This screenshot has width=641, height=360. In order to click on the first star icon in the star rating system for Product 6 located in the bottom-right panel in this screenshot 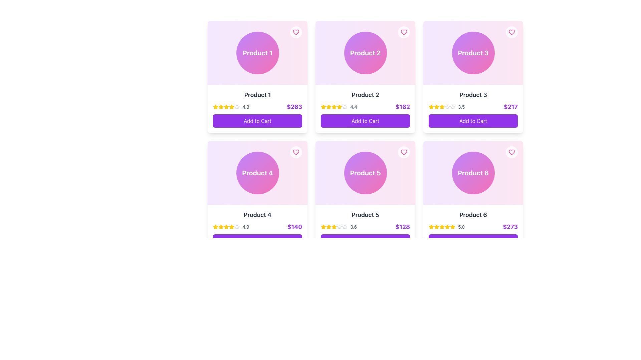, I will do `click(447, 226)`.